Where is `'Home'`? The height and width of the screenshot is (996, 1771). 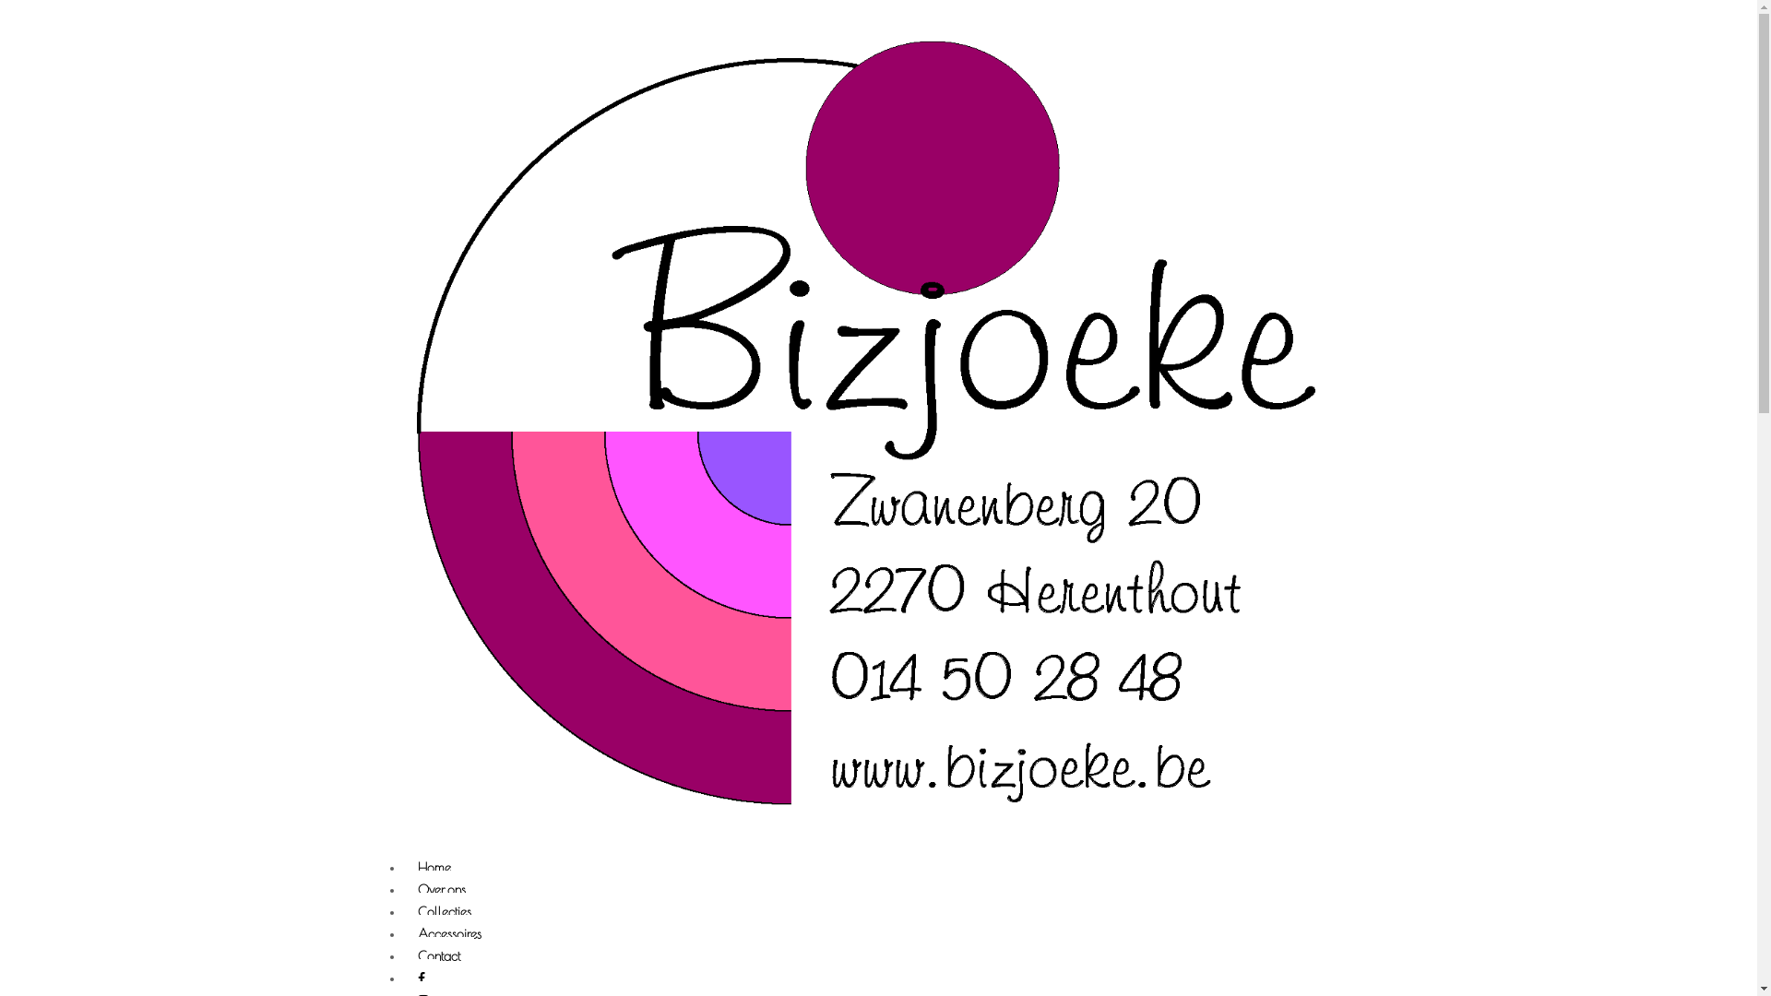 'Home' is located at coordinates (402, 869).